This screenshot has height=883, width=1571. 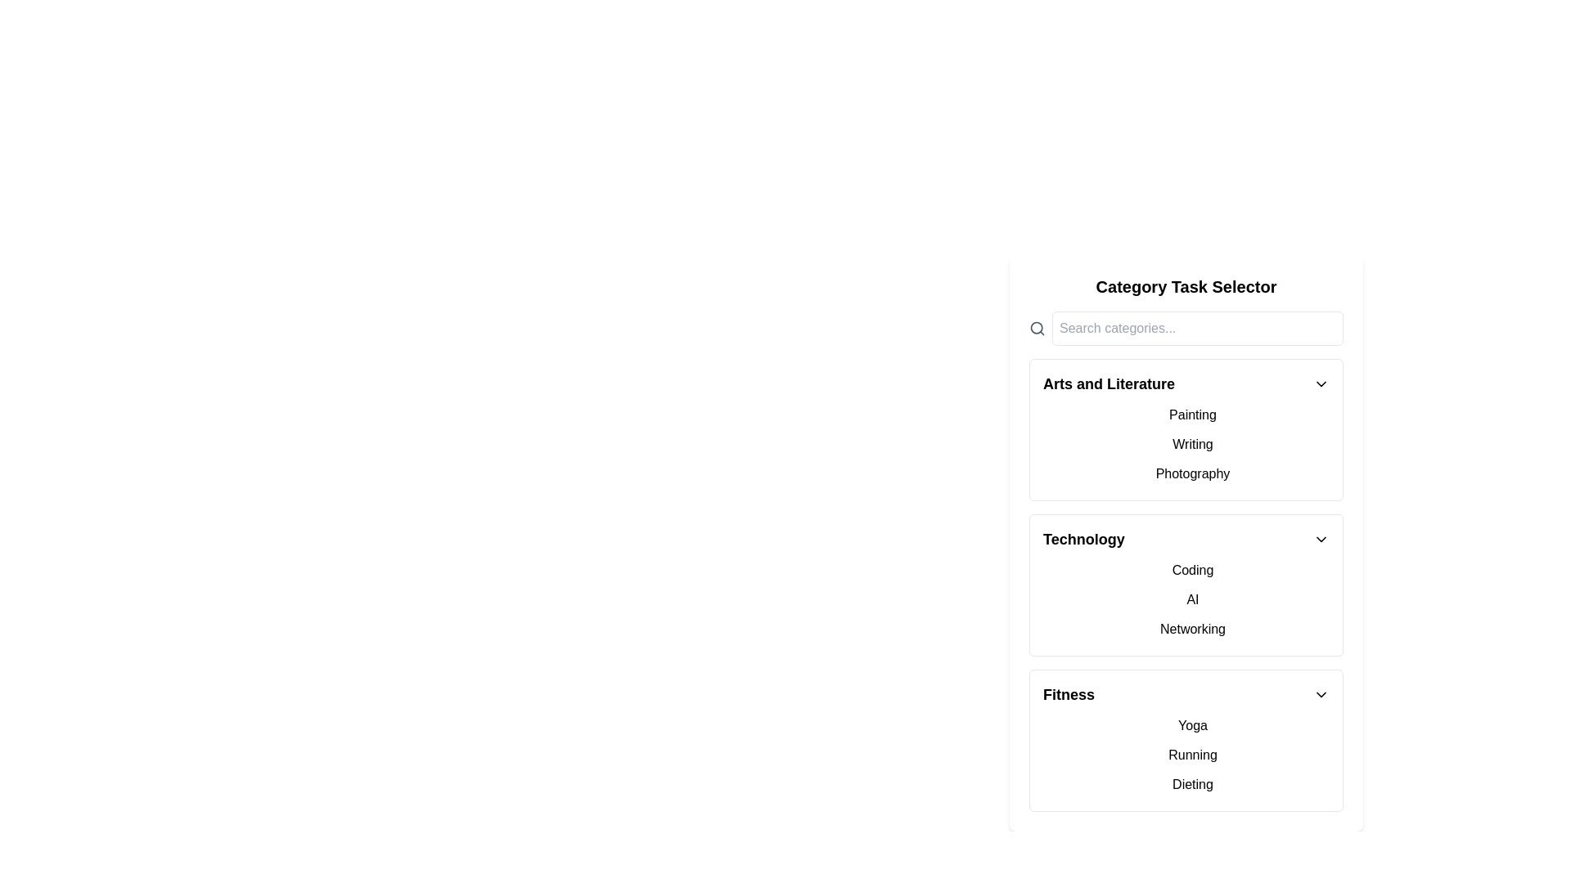 I want to click on the chevron icon located to the far right of the 'Technology' section header, so click(x=1321, y=539).